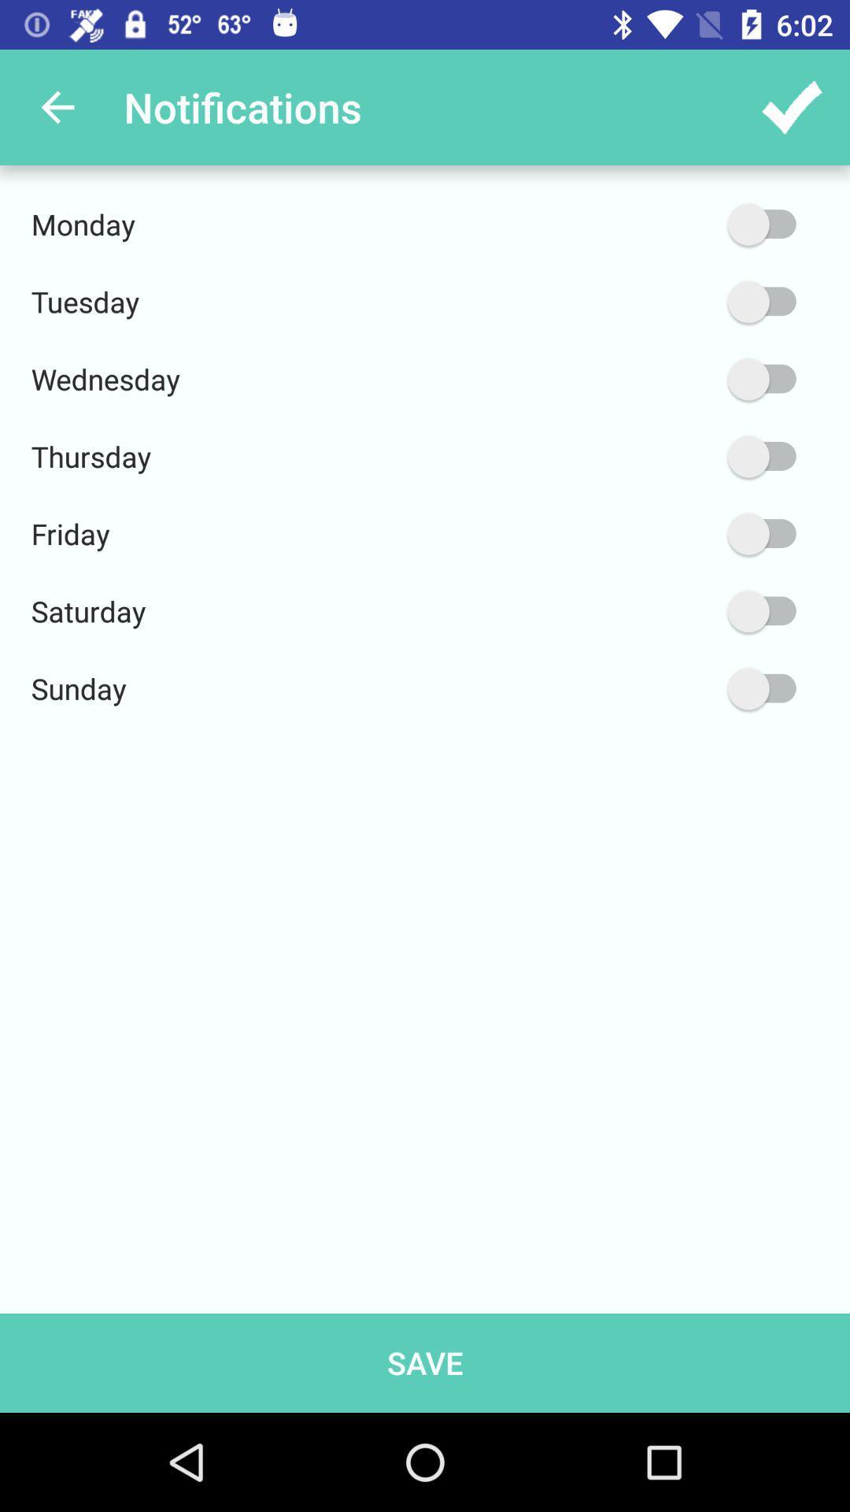 Image resolution: width=850 pixels, height=1512 pixels. Describe the element at coordinates (686, 302) in the screenshot. I see `the icon next to the tuesday icon` at that location.